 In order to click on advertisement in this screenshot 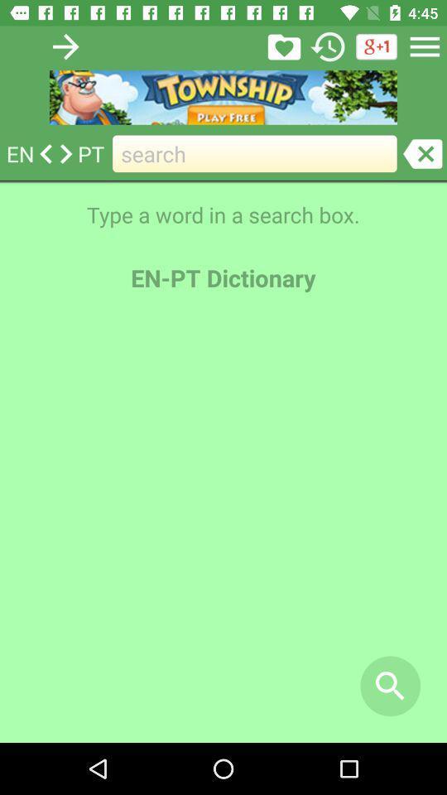, I will do `click(223, 97)`.